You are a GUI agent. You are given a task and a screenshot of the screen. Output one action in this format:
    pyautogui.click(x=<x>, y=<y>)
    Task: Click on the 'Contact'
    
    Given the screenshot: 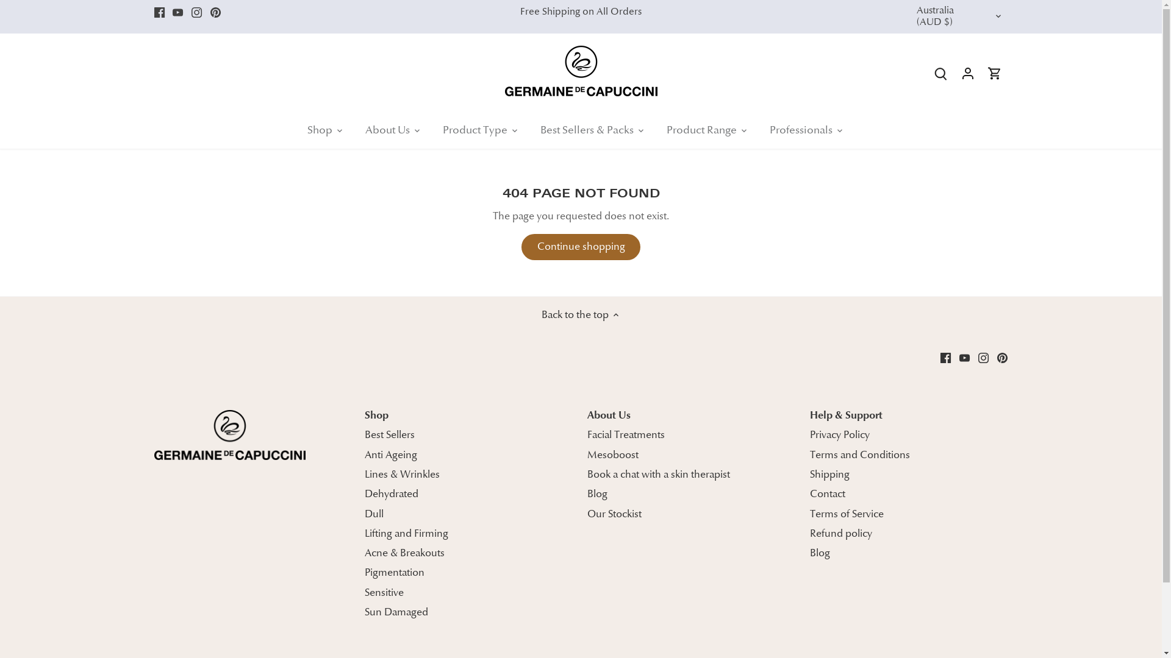 What is the action you would take?
    pyautogui.click(x=828, y=493)
    